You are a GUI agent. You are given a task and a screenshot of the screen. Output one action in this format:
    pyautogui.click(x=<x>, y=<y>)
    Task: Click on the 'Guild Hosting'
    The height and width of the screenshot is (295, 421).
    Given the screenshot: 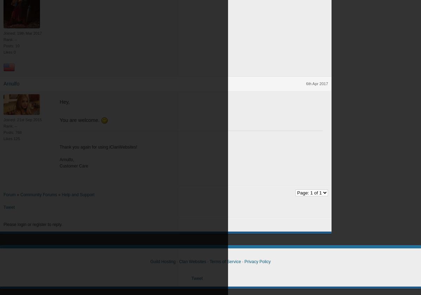 What is the action you would take?
    pyautogui.click(x=162, y=262)
    